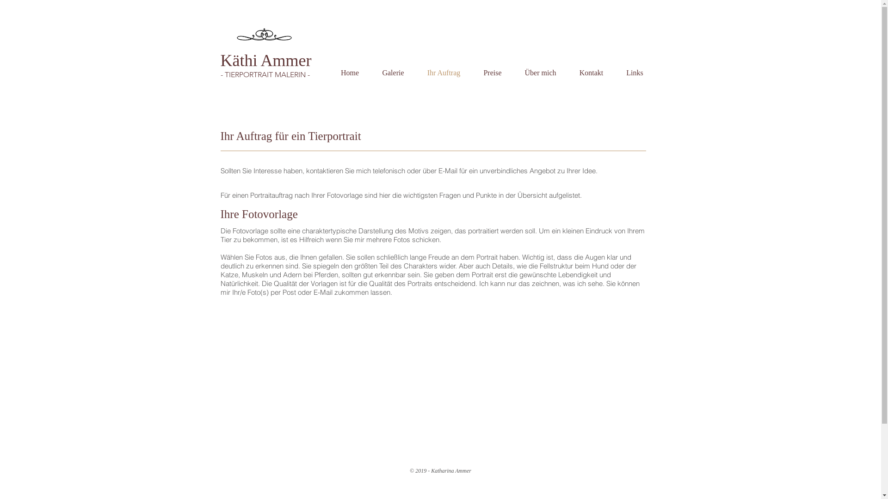 The width and height of the screenshot is (888, 499). I want to click on 'Links', so click(634, 73).